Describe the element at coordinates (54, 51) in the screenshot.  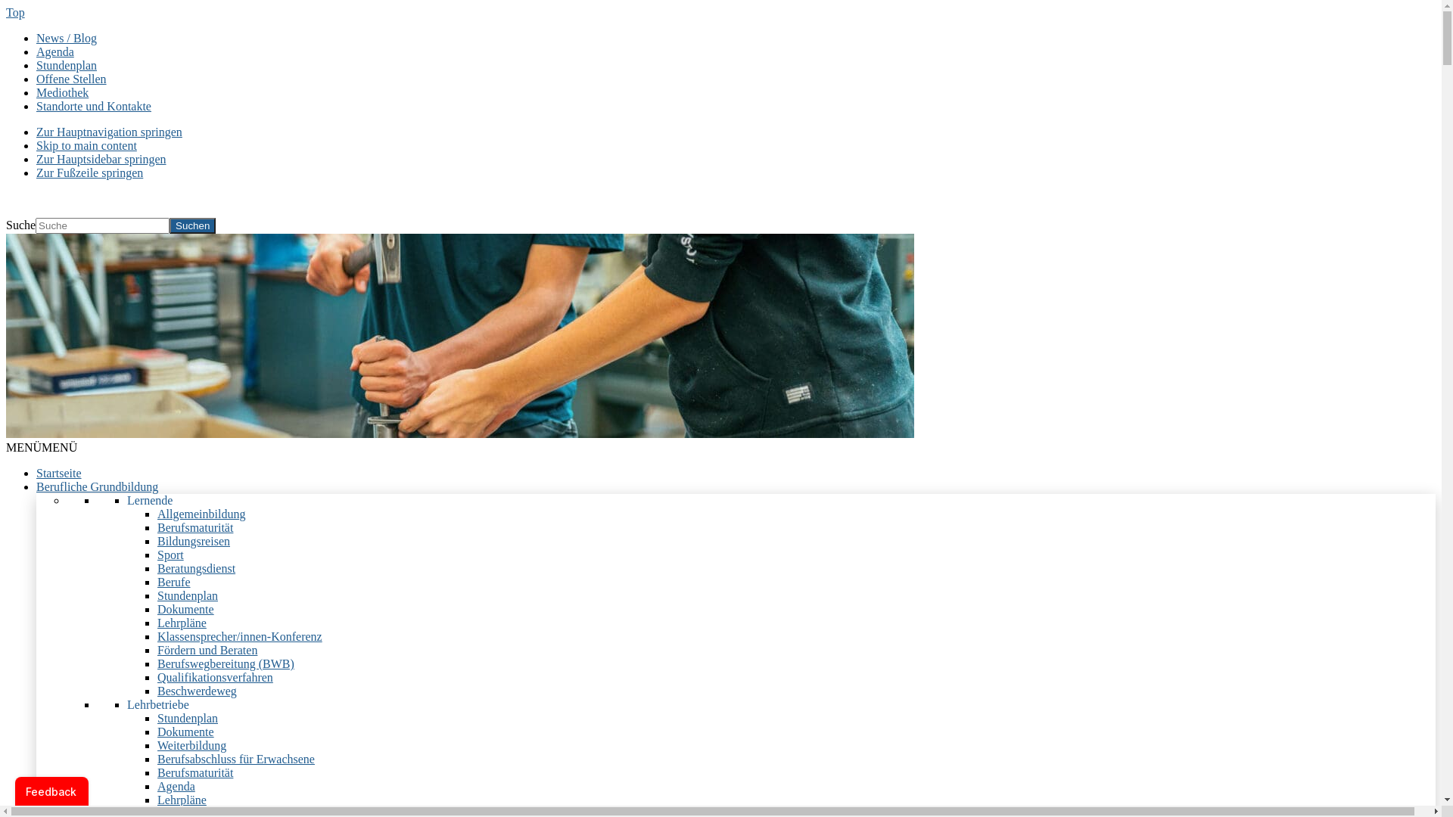
I see `'Agenda'` at that location.